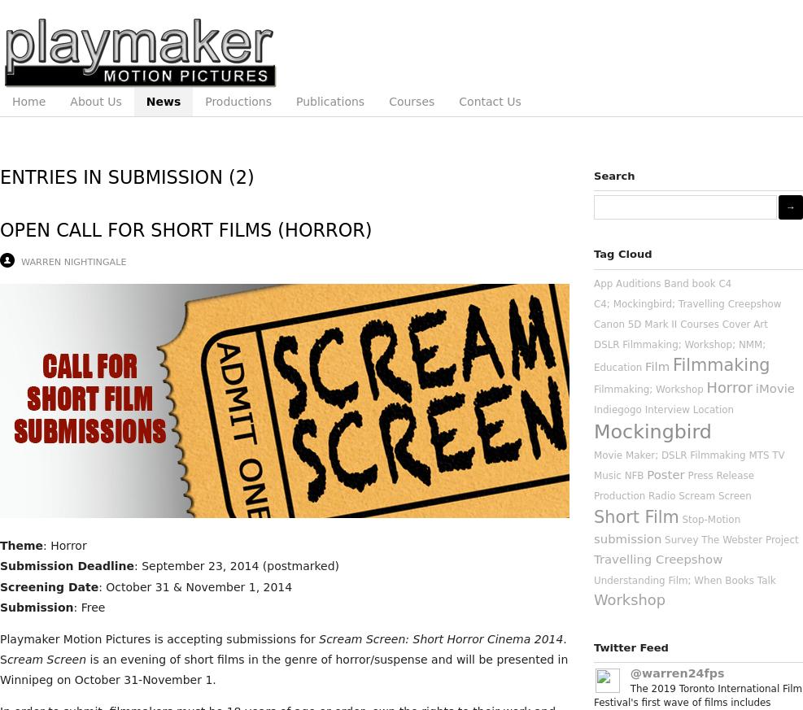 This screenshot has width=803, height=710. What do you see at coordinates (719, 474) in the screenshot?
I see `'Press Release'` at bounding box center [719, 474].